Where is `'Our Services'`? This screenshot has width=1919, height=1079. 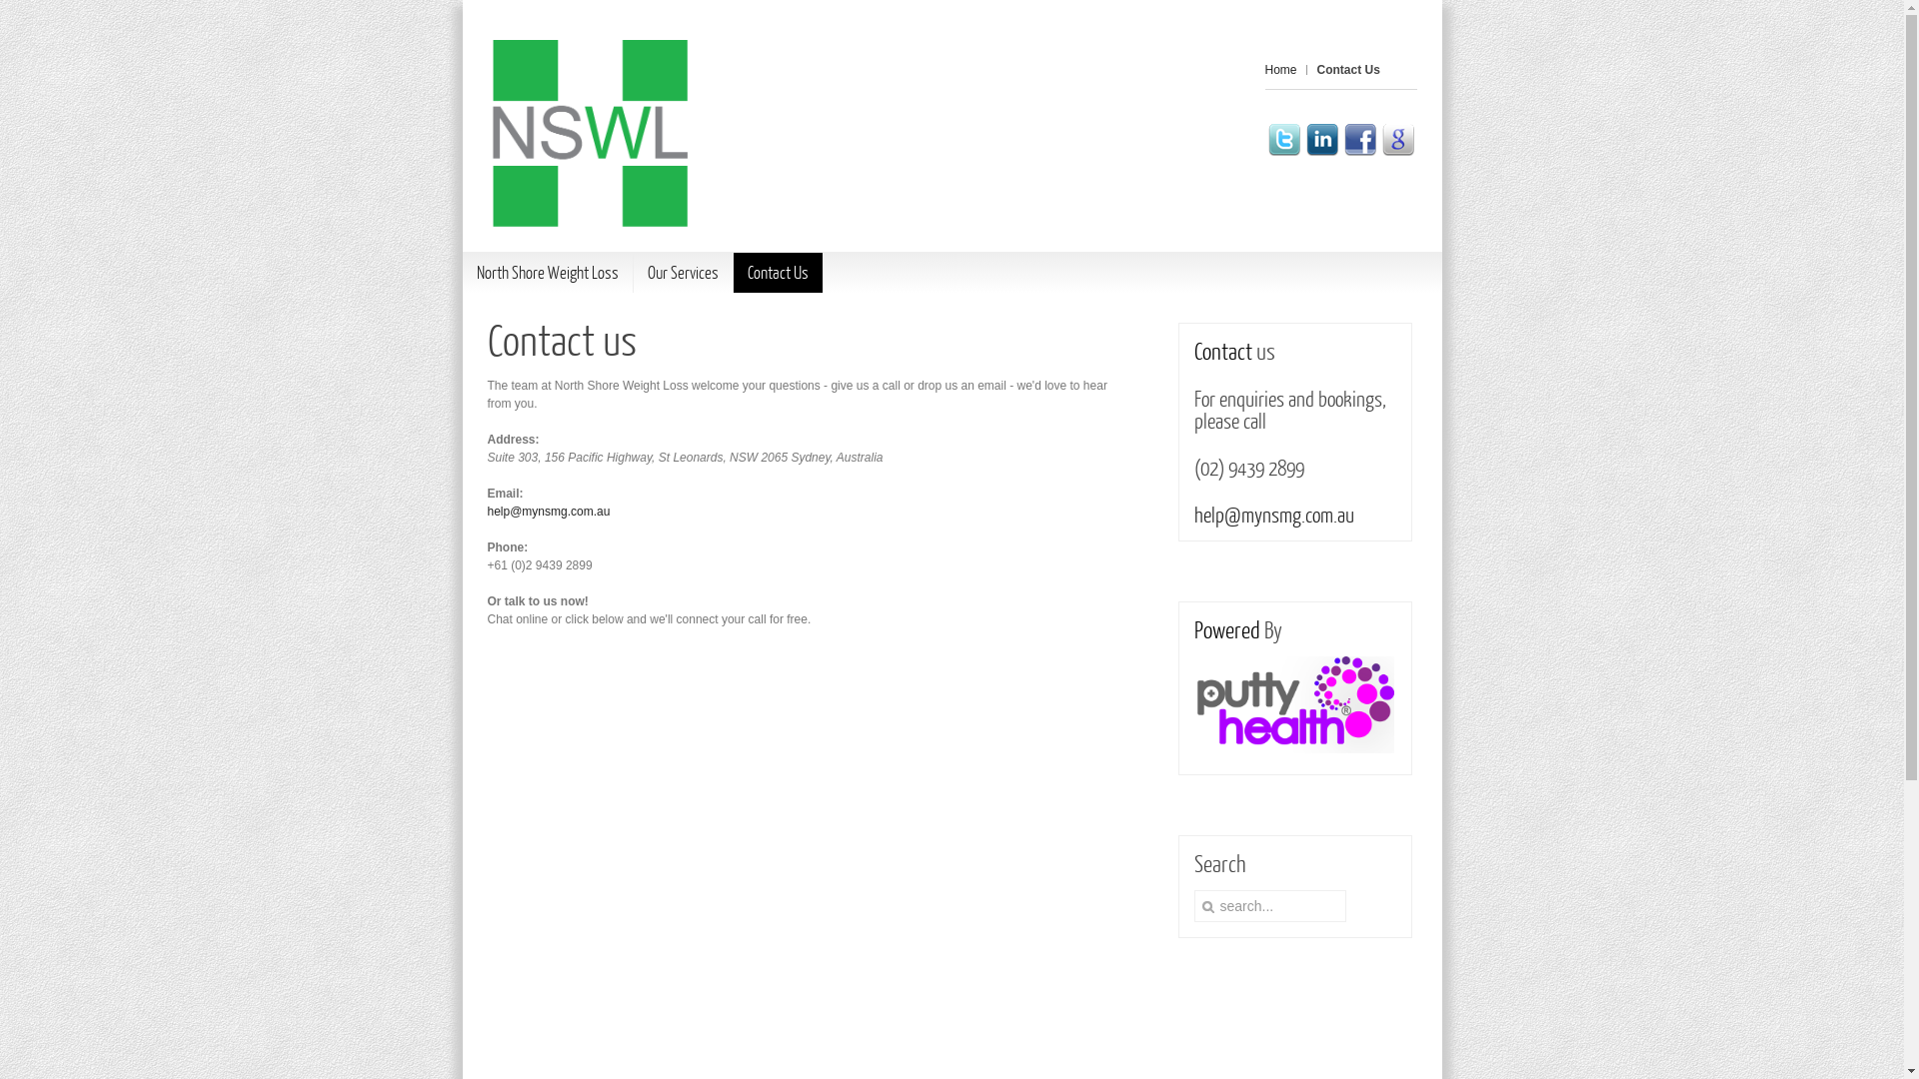 'Our Services' is located at coordinates (683, 273).